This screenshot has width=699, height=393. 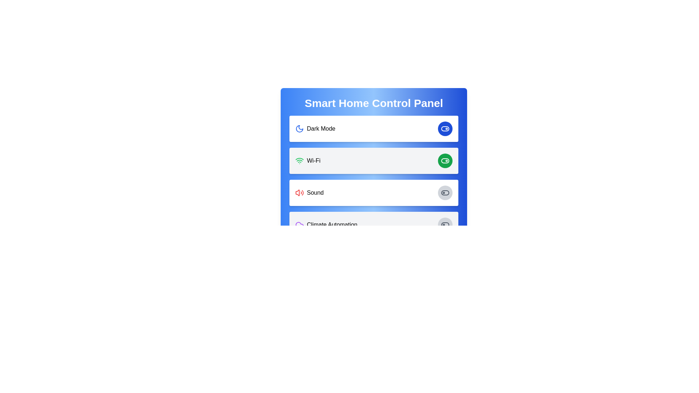 I want to click on the Dark Mode icon, which is located on the left side of the Dark Mode label in the settings list, so click(x=299, y=128).